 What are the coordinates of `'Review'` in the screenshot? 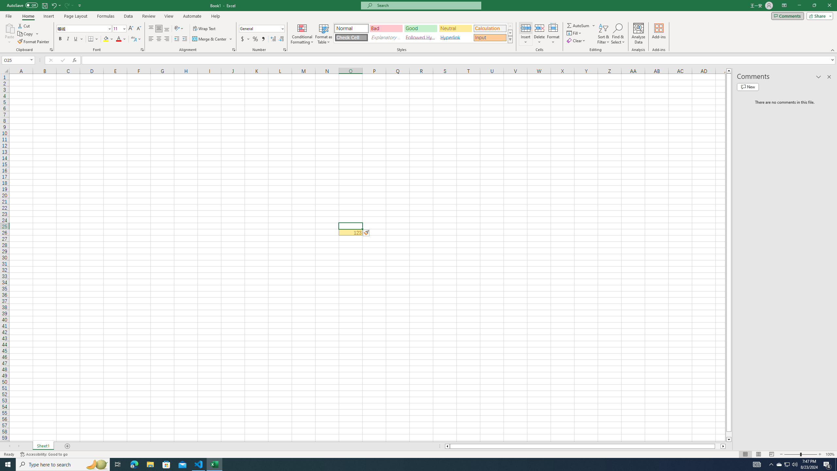 It's located at (148, 16).